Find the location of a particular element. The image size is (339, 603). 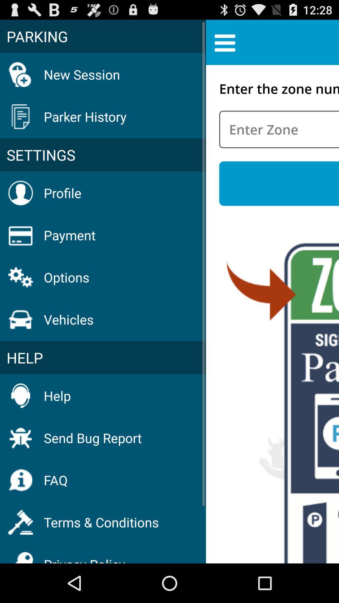

new session item is located at coordinates (82, 74).